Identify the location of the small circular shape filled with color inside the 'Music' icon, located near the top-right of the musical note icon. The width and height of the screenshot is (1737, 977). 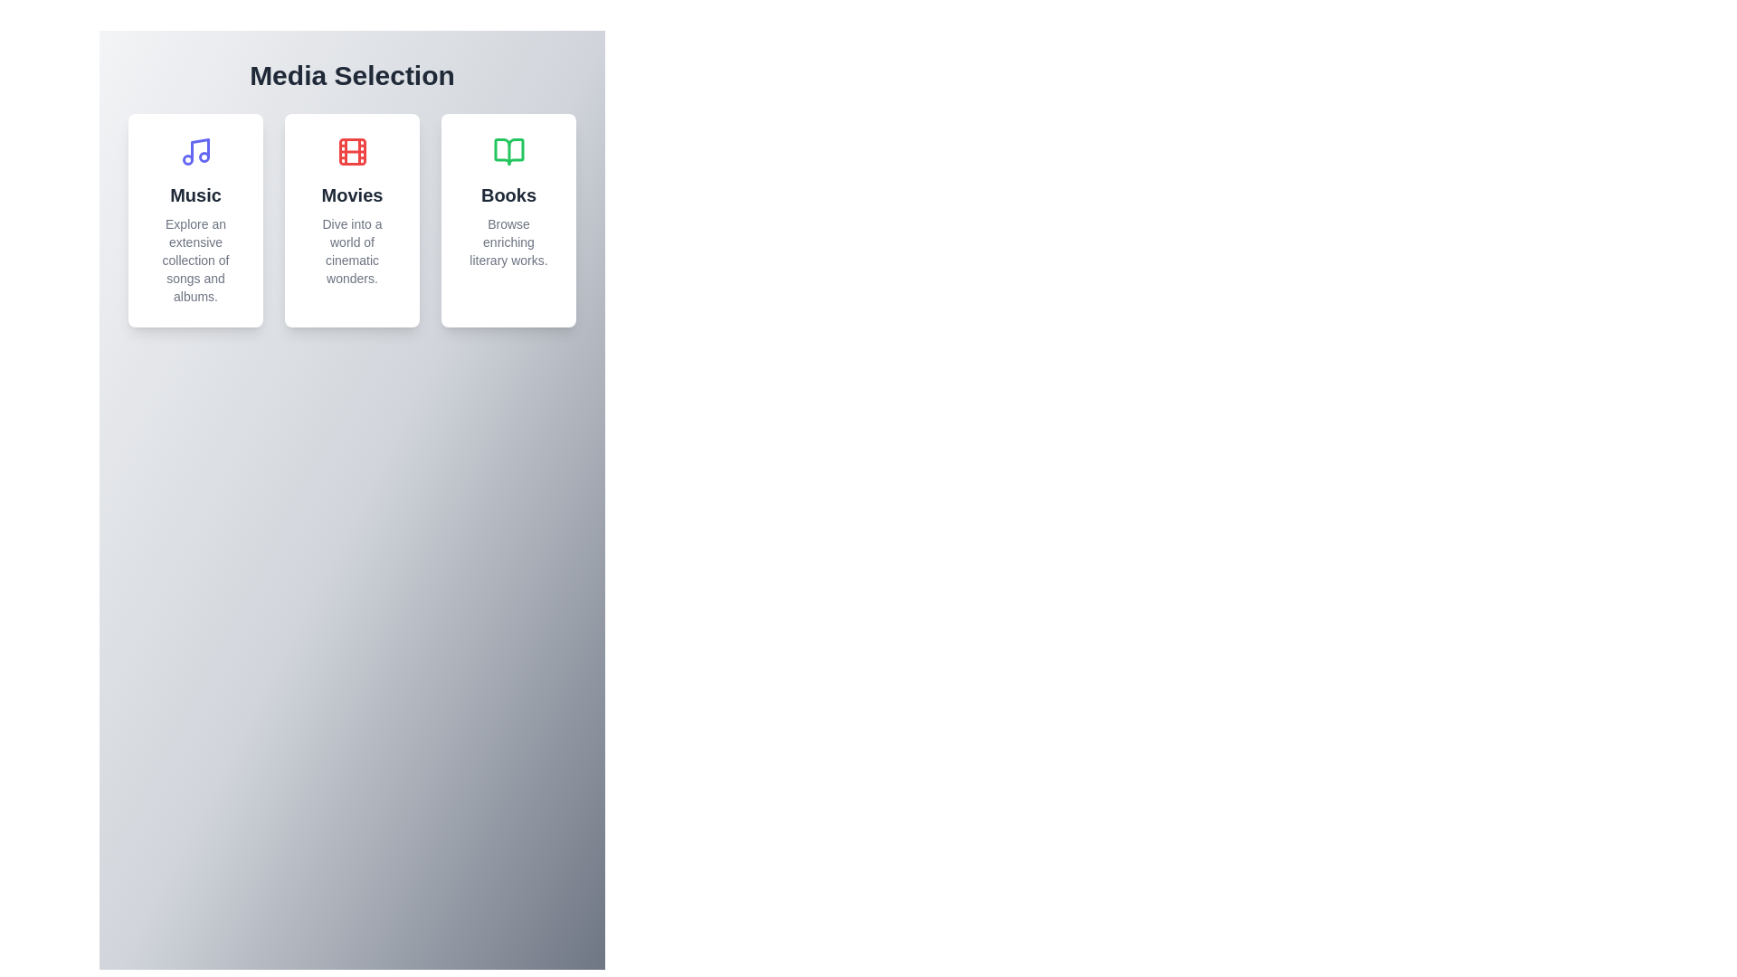
(204, 156).